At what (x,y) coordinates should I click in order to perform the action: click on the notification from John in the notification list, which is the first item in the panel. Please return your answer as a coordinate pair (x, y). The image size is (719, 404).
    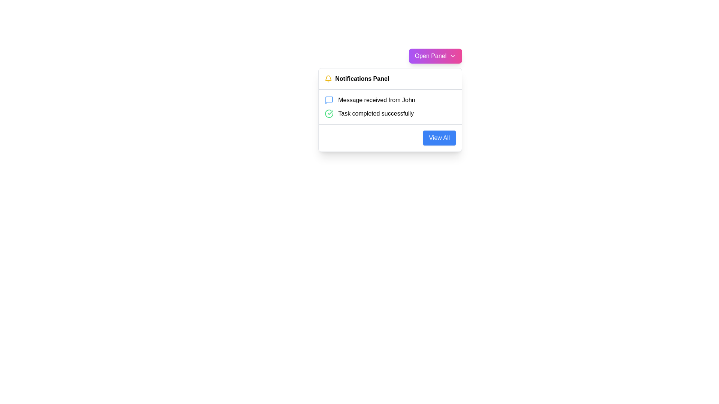
    Looking at the image, I should click on (390, 100).